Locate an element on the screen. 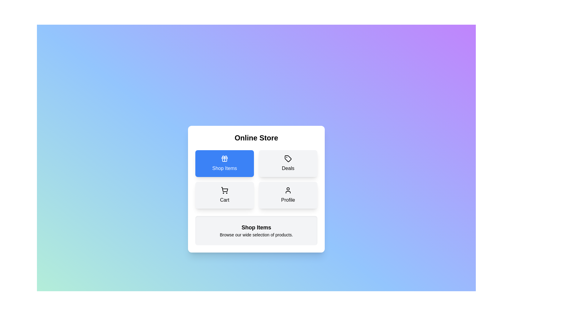 The width and height of the screenshot is (586, 329). the tab Cart by clicking on its respective button is located at coordinates (224, 195).